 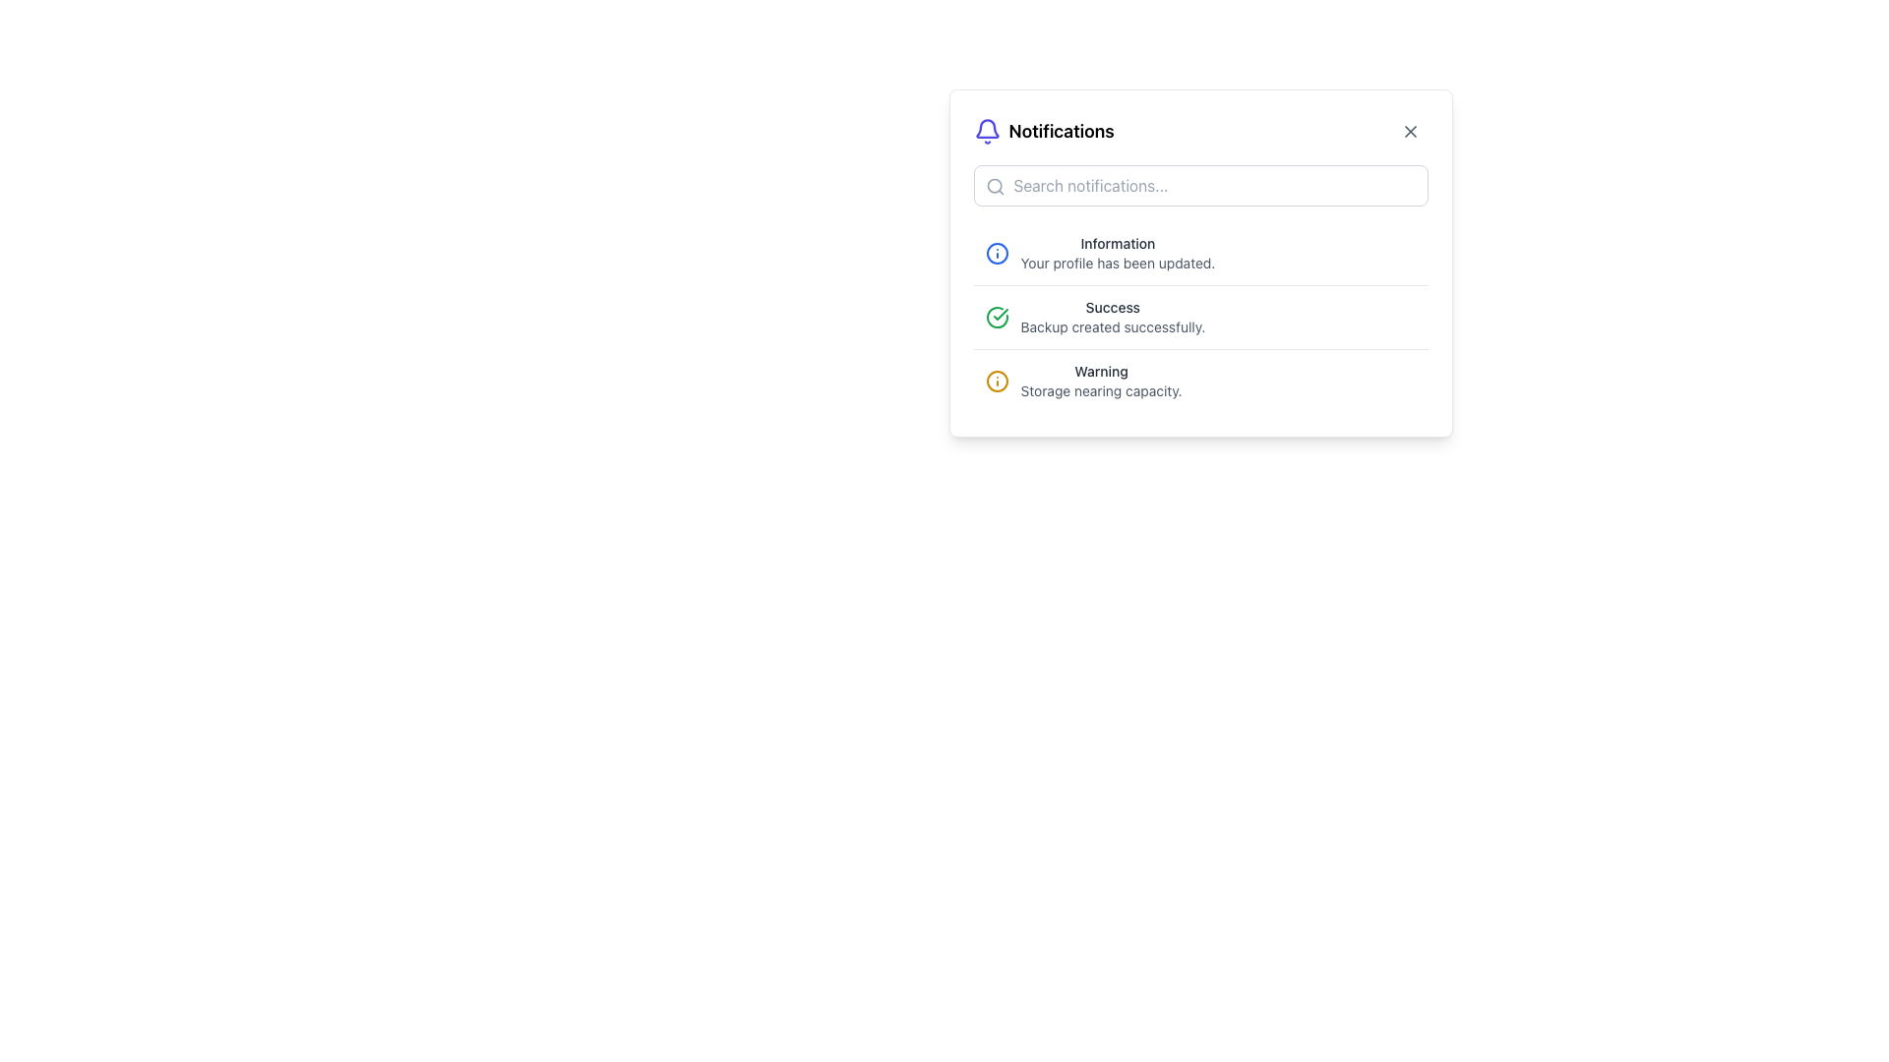 I want to click on circular icon representing a checkmark in the success alert notification by opening developer tools, so click(x=997, y=317).